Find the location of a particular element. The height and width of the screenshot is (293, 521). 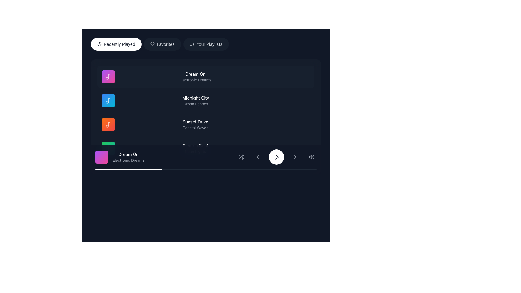

the circular play button located at the bottom center of the interface, which has a white background and a black play icon is located at coordinates (276, 157).